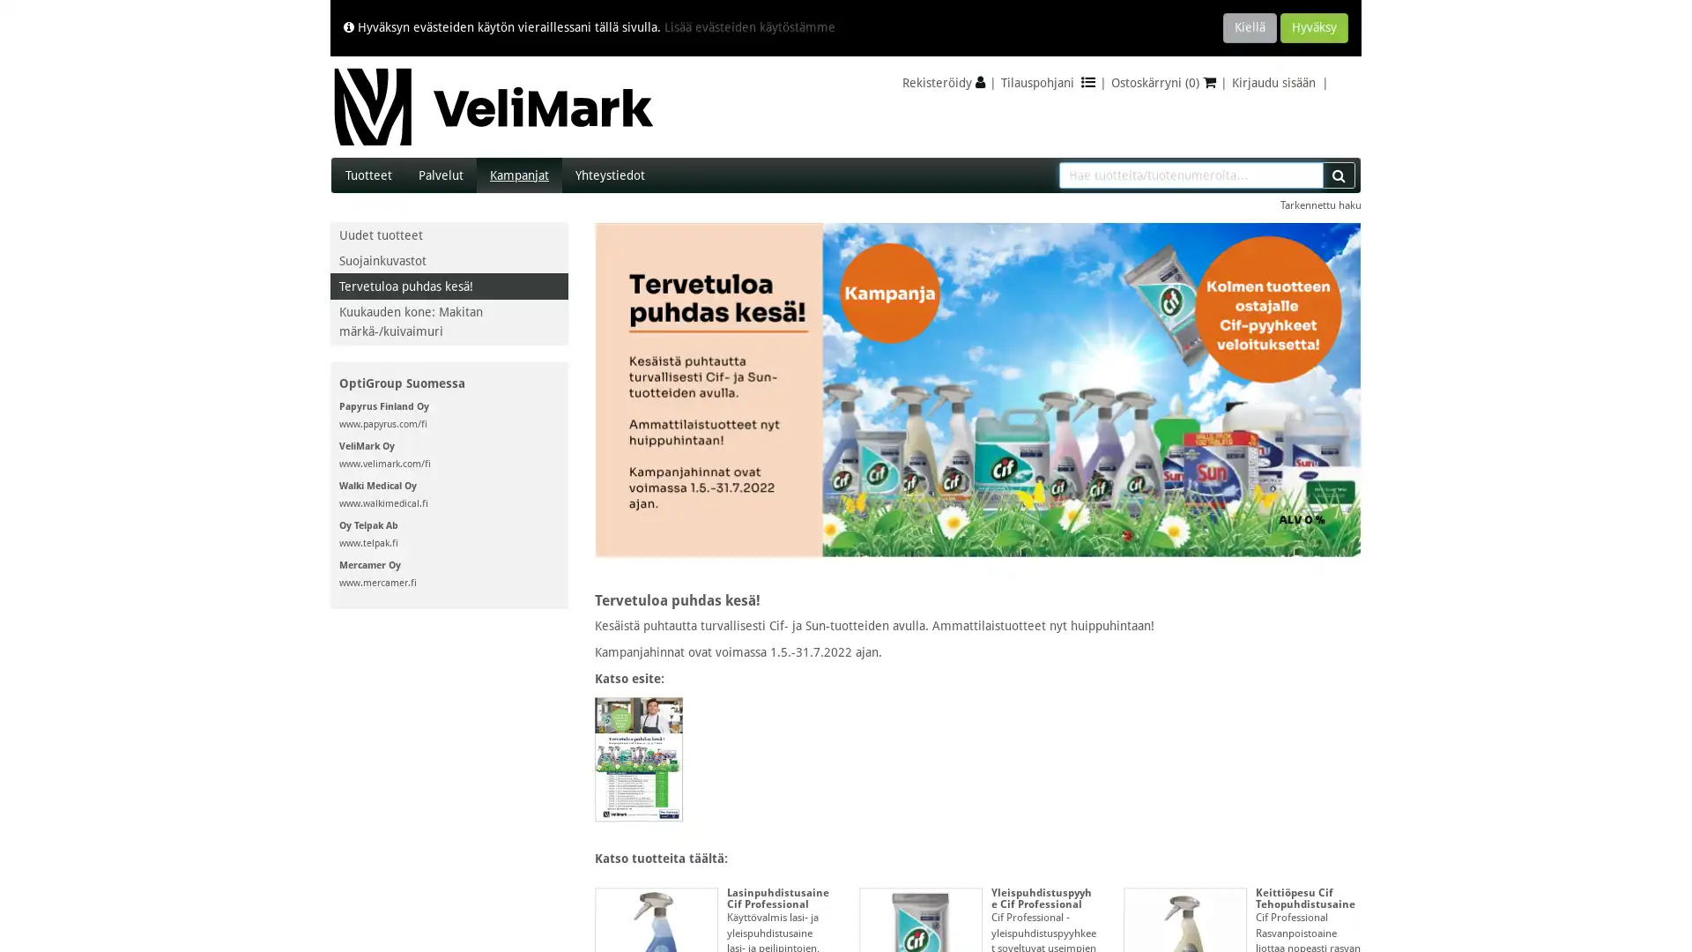 This screenshot has height=952, width=1692. I want to click on Hyvaksy, so click(1314, 27).